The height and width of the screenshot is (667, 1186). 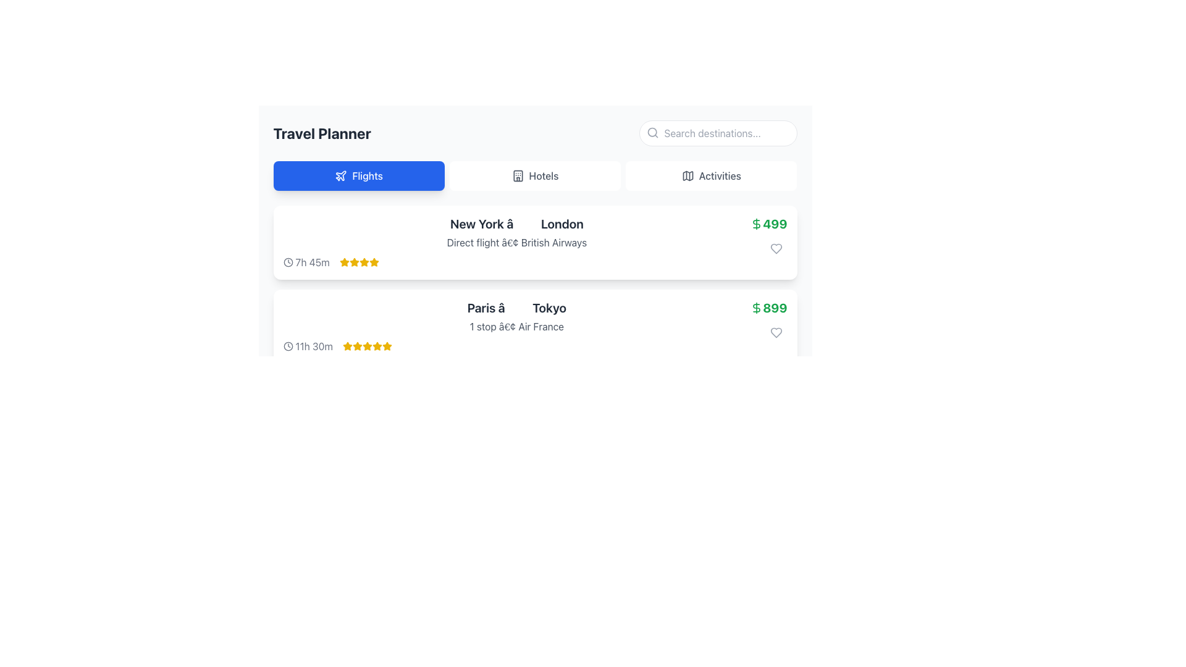 I want to click on the heart-shaped interactive icon with a gray outline, located in the bottom-right corner of the second itinerary card, so click(x=775, y=332).